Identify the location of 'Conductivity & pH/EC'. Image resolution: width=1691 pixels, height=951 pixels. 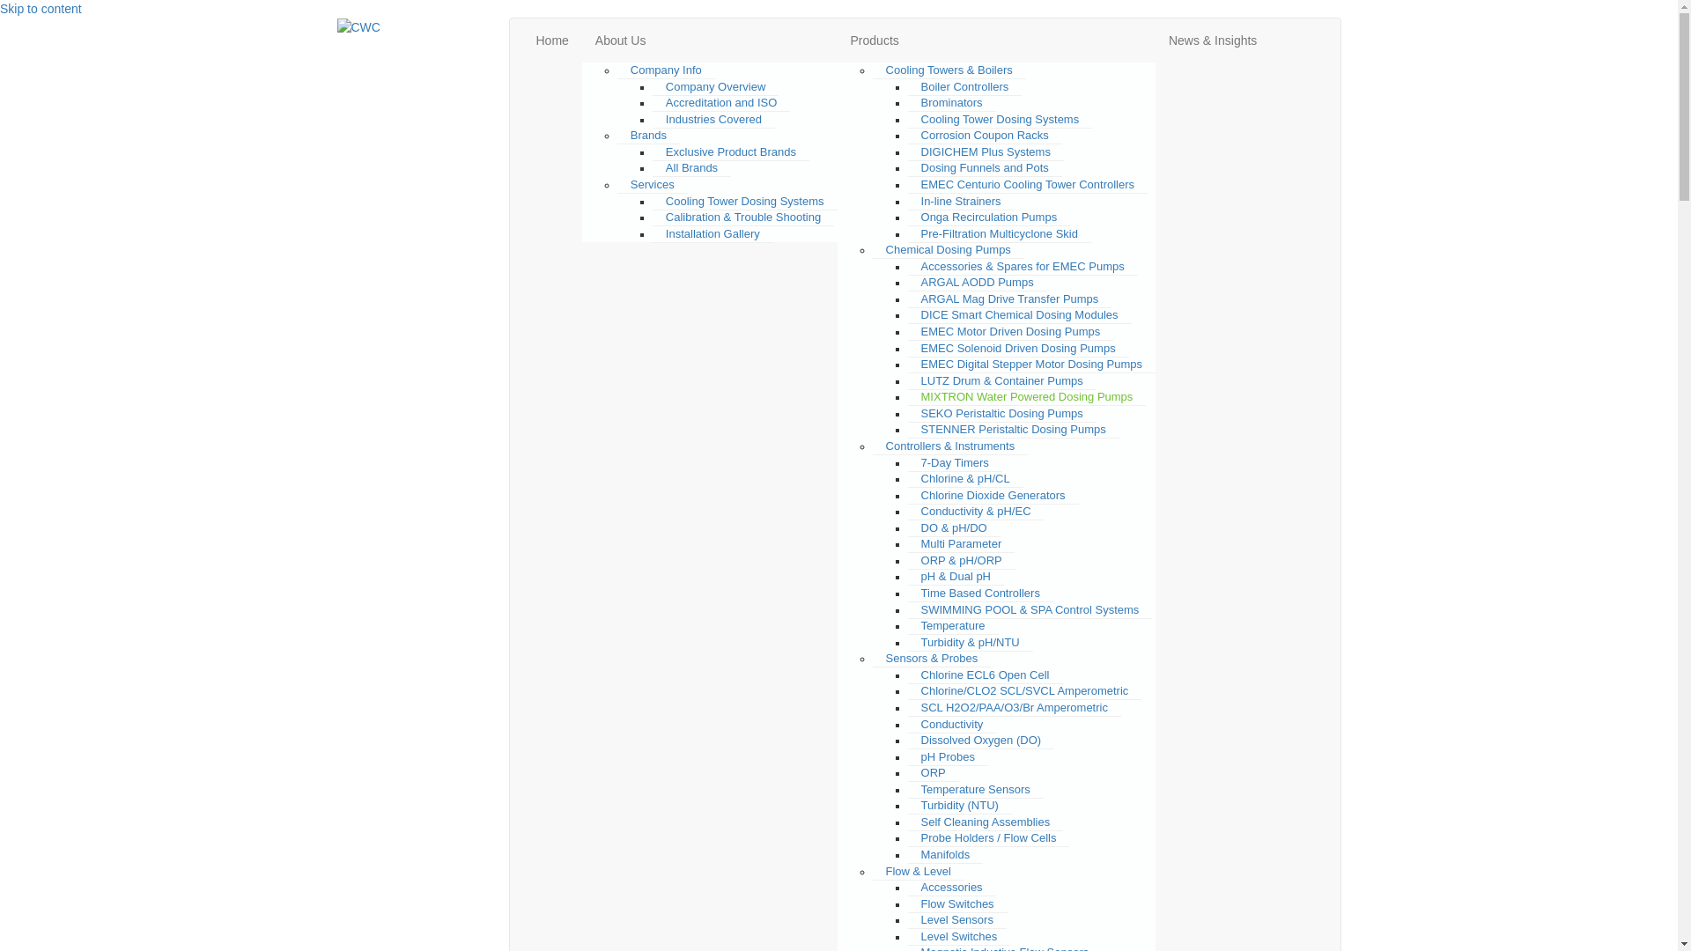
(975, 512).